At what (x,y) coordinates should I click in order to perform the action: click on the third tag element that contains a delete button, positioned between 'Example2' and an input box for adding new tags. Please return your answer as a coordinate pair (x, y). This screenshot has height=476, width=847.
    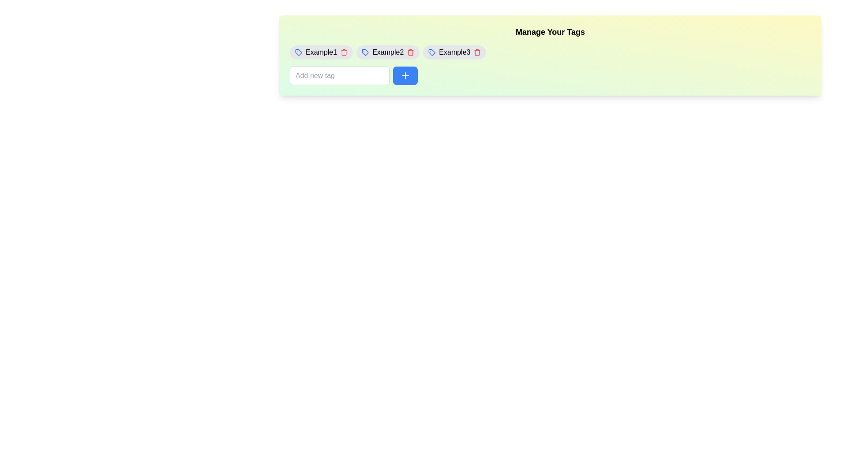
    Looking at the image, I should click on (454, 52).